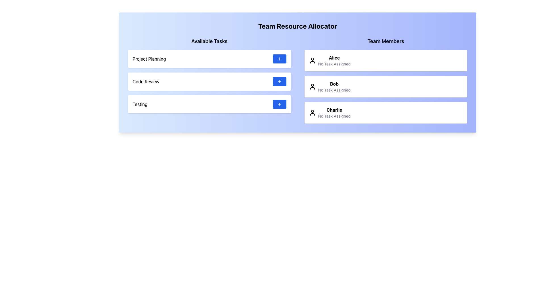 Image resolution: width=545 pixels, height=306 pixels. What do you see at coordinates (279, 59) in the screenshot?
I see `the plus icon with a blue background and white strokes, located in the first row of the 'Available Tasks' section, aligned to the right within the 'Project Planning' button` at bounding box center [279, 59].